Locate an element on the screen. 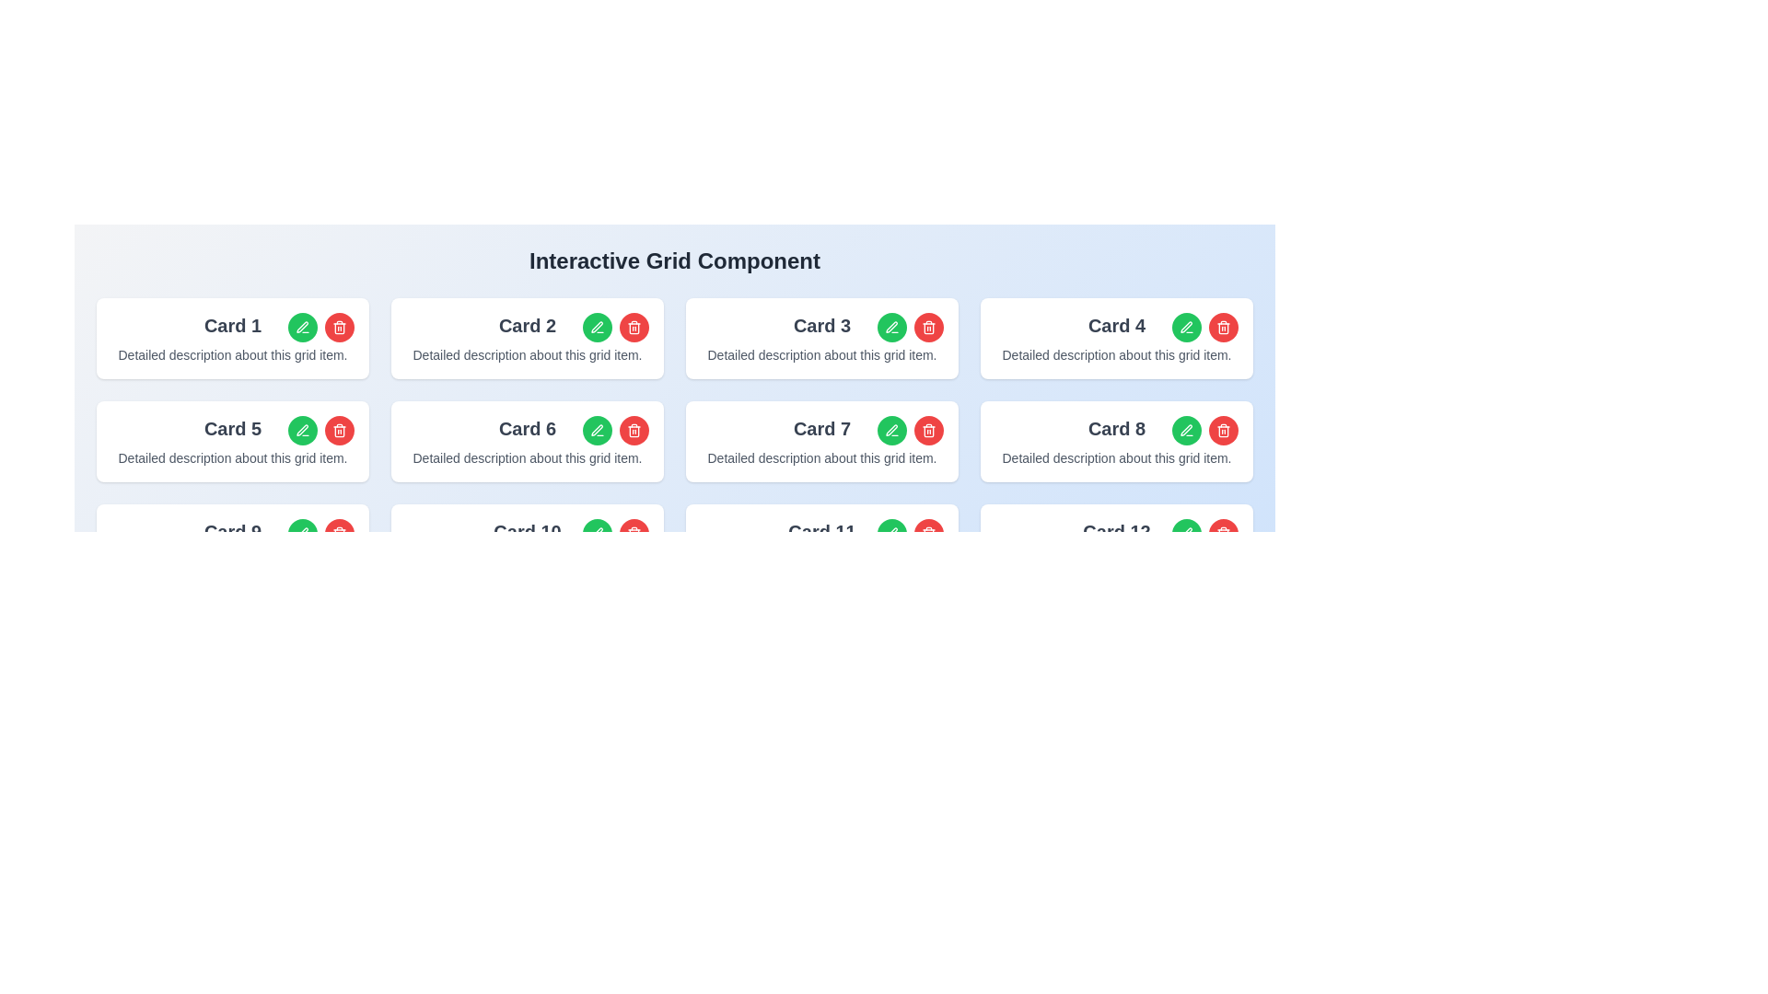  the green pen icon button in the 'Interactive Grid Component' interface located in 'Card 11' to initiate editing is located at coordinates (891, 533).